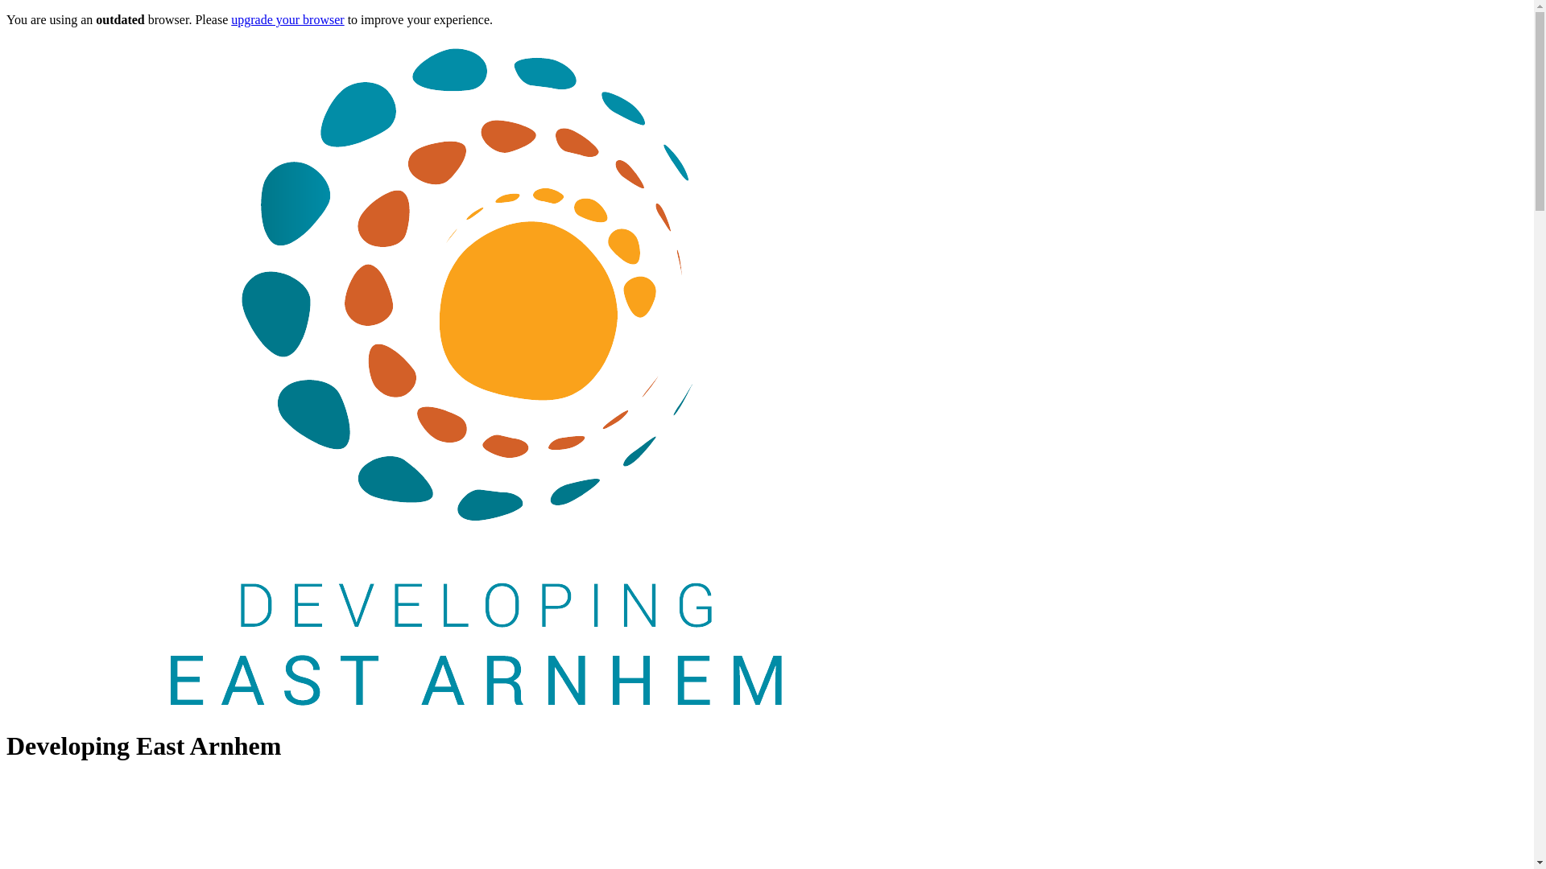 The width and height of the screenshot is (1546, 869). Describe the element at coordinates (287, 19) in the screenshot. I see `'upgrade your browser'` at that location.